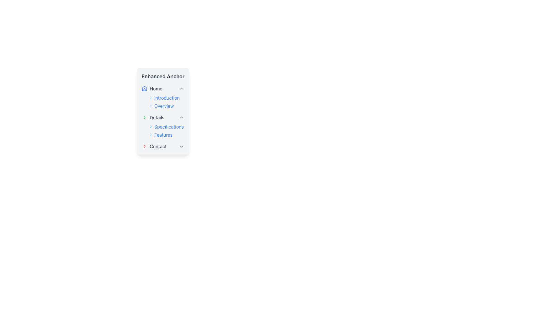  Describe the element at coordinates (166, 106) in the screenshot. I see `the 'Overview' hyperlink text located as the second entry under the 'Introduction' section in the side menu` at that location.